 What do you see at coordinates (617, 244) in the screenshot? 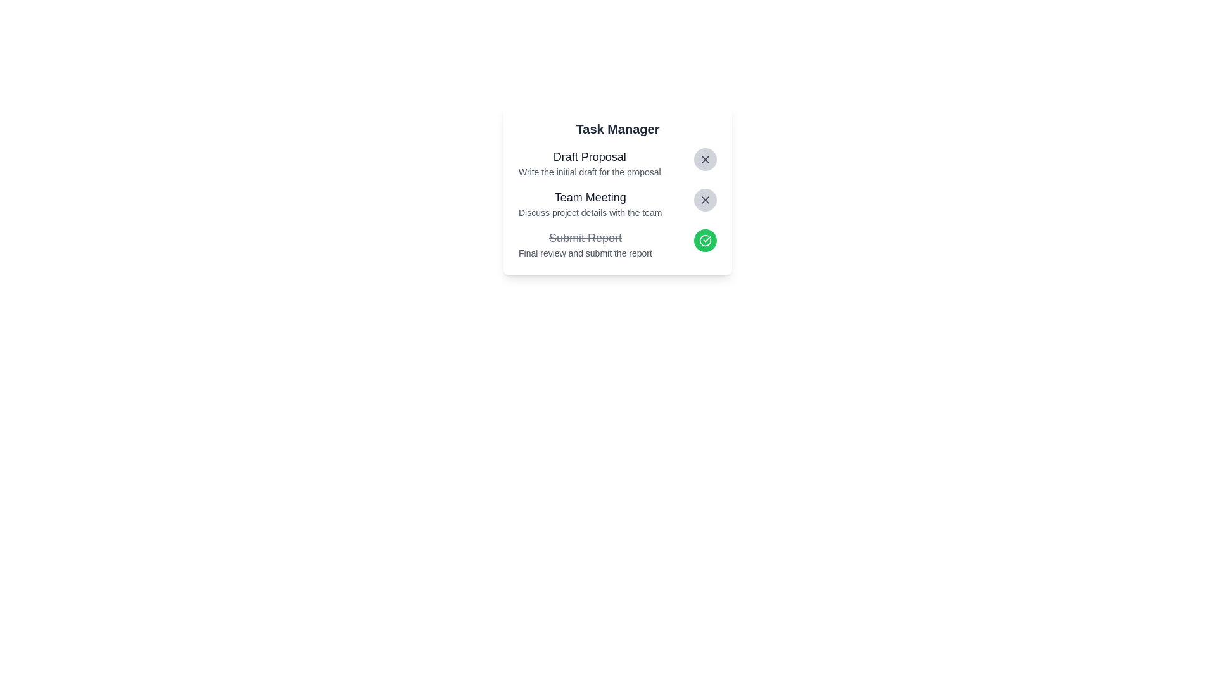
I see `the third task item in the 'Task Manager' list that has a completion button, indicating the task is completed with a checkmark and strikethrough text` at bounding box center [617, 244].